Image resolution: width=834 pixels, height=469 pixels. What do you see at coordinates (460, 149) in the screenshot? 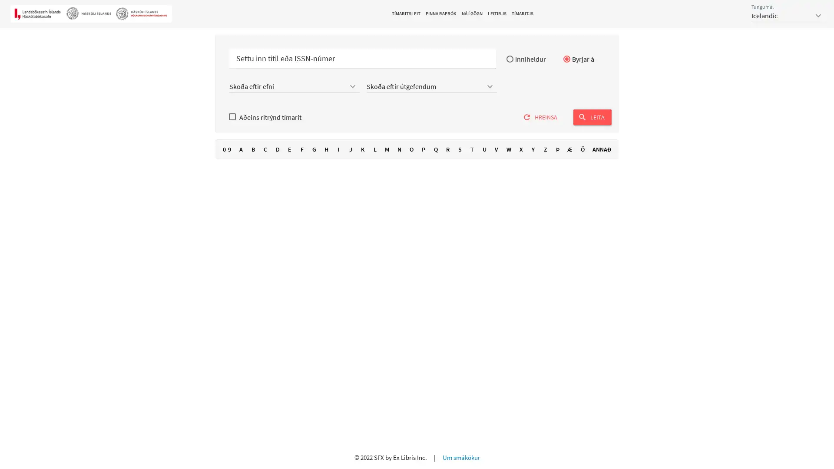
I see `S` at bounding box center [460, 149].